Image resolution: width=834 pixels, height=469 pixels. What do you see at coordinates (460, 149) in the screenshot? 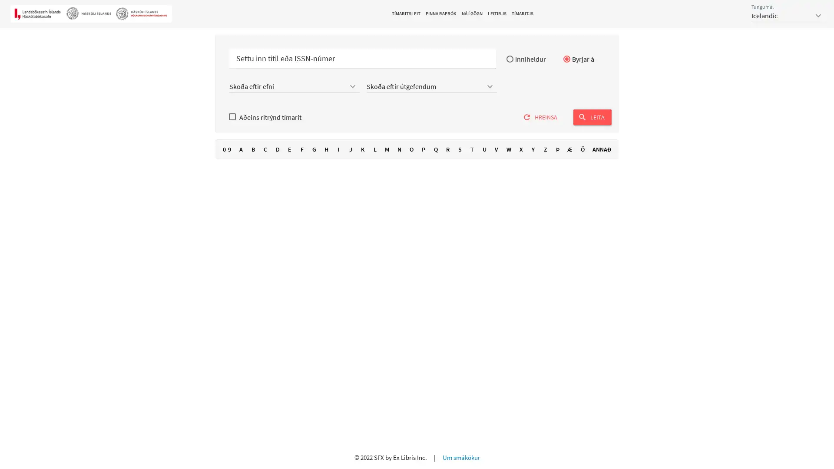
I see `S` at bounding box center [460, 149].